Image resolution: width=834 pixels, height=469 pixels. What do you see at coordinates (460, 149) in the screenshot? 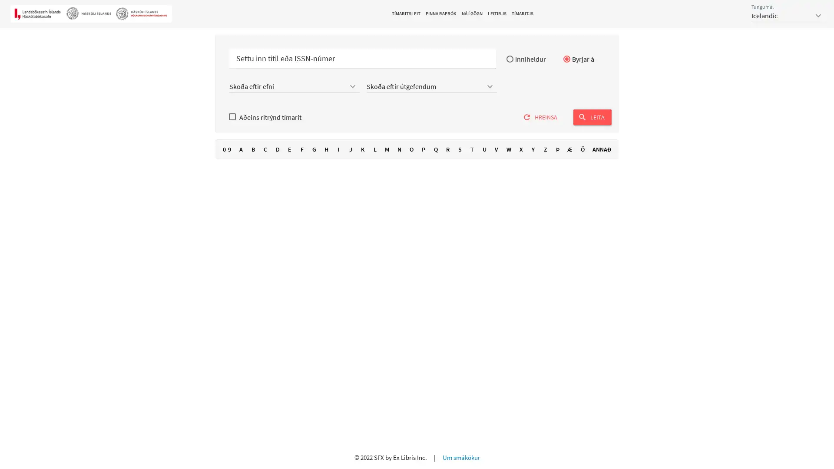
I see `S` at bounding box center [460, 149].